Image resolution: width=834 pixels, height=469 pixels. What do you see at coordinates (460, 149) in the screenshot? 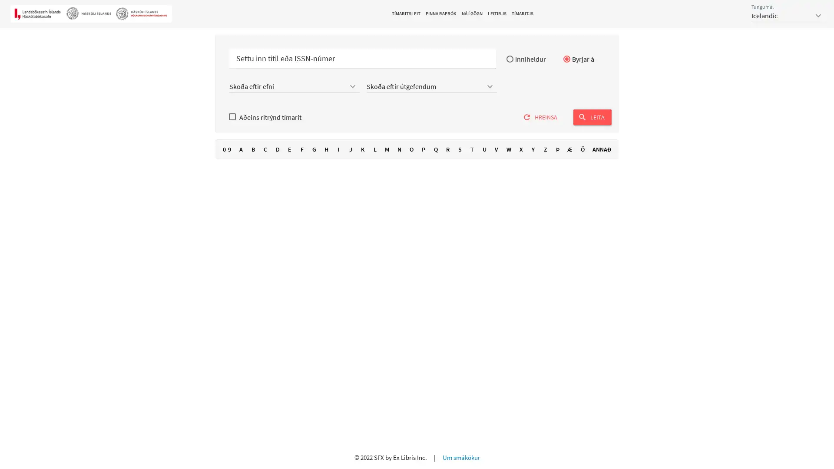
I see `S` at bounding box center [460, 149].